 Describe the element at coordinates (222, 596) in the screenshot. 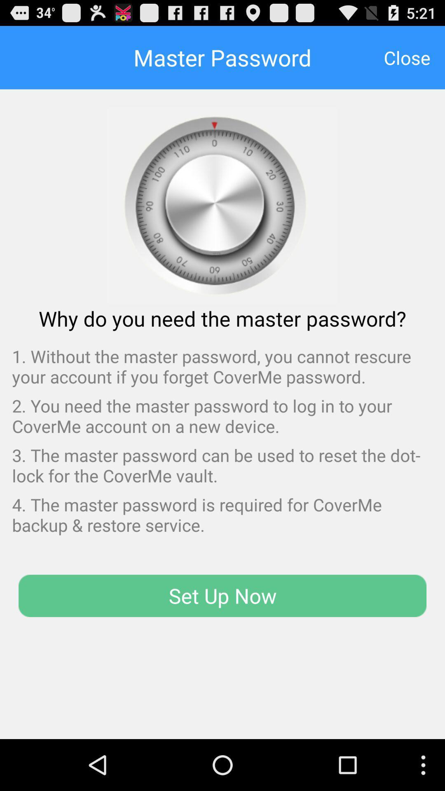

I see `the item below 4 the master` at that location.